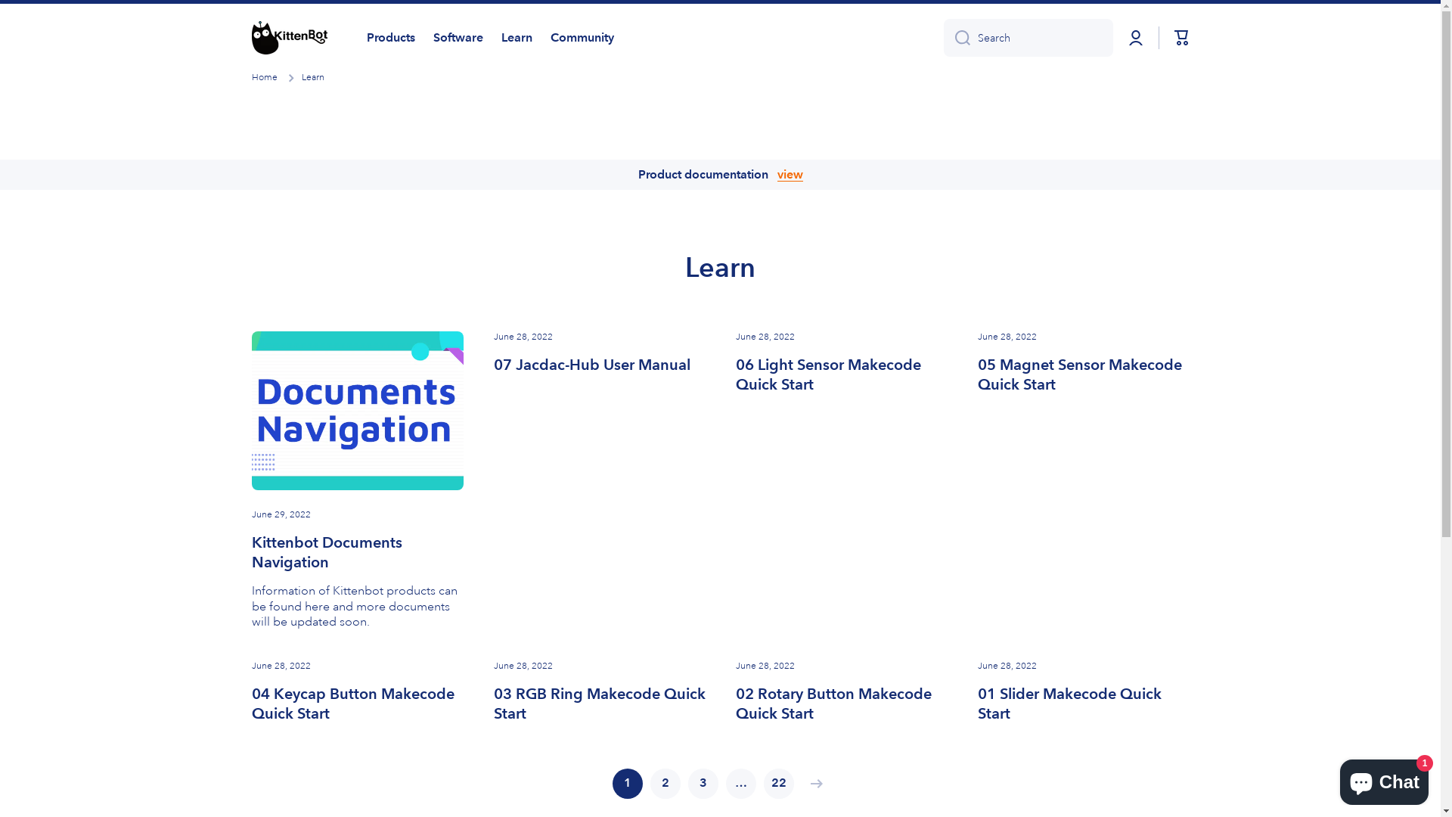  What do you see at coordinates (687, 783) in the screenshot?
I see `'3'` at bounding box center [687, 783].